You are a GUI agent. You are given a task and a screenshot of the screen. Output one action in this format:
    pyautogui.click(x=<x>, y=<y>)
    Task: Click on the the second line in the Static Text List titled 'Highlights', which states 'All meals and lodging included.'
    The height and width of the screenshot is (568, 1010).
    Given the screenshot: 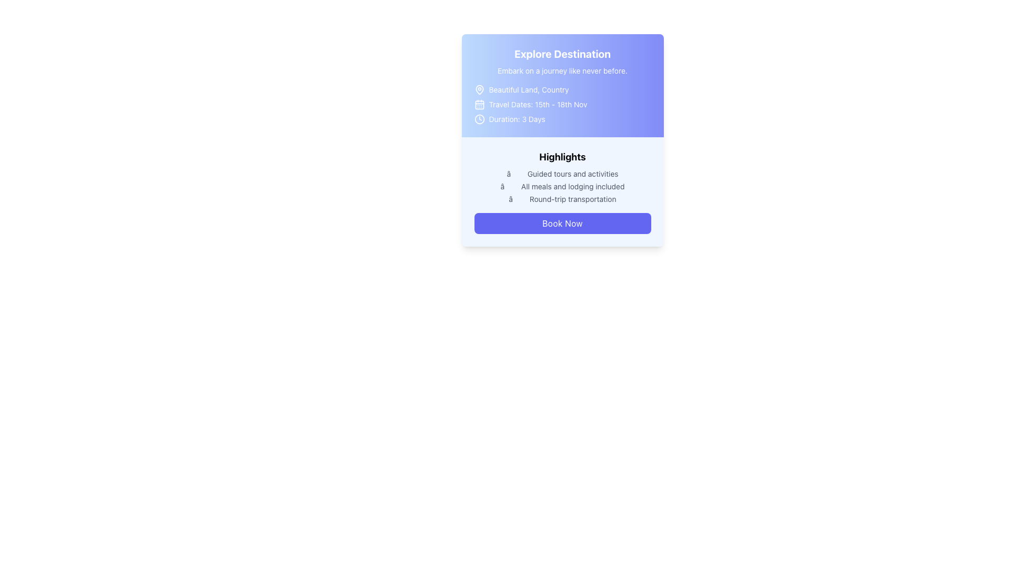 What is the action you would take?
    pyautogui.click(x=562, y=186)
    